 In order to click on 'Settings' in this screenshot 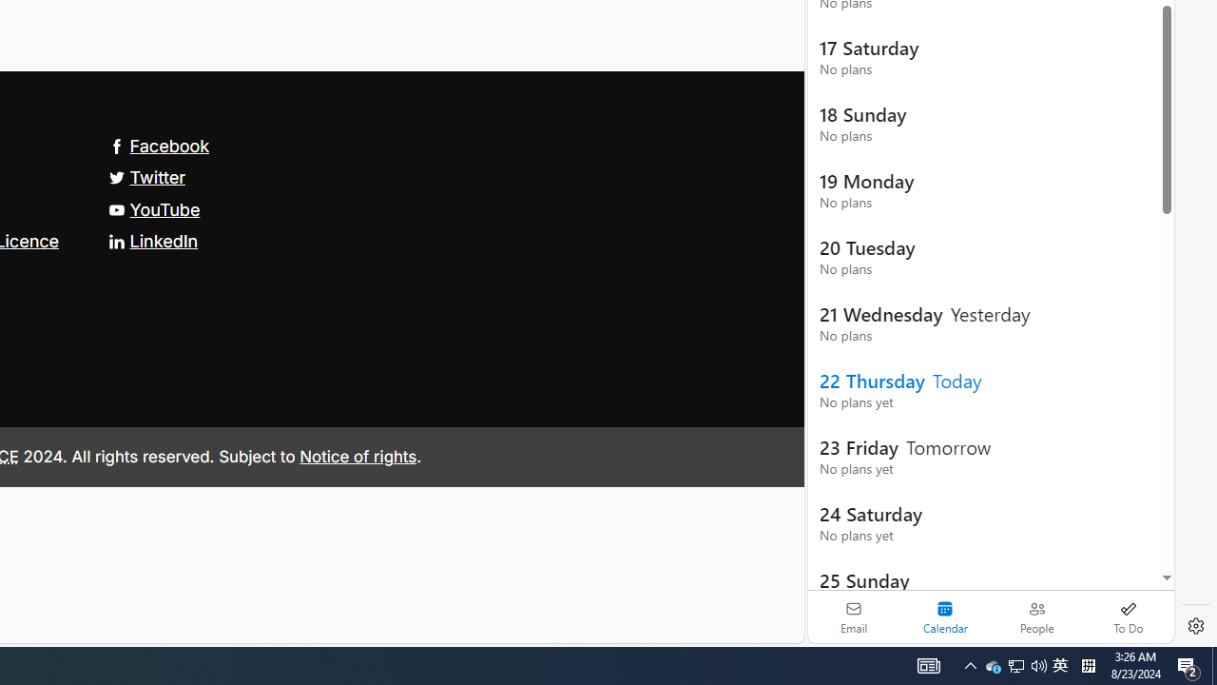, I will do `click(1195, 626)`.